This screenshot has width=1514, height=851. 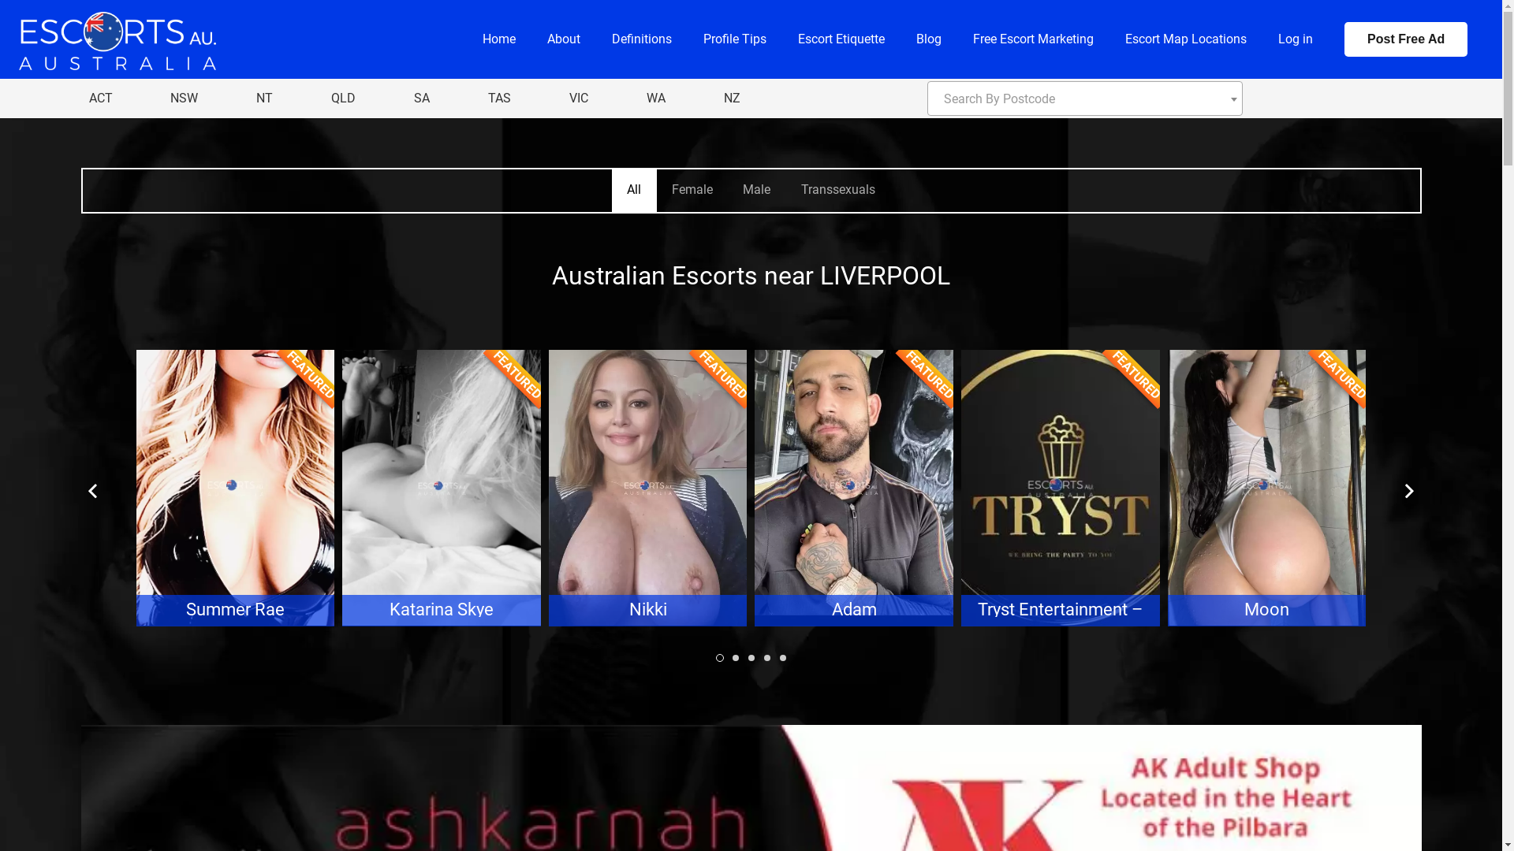 What do you see at coordinates (714, 98) in the screenshot?
I see `'NZ'` at bounding box center [714, 98].